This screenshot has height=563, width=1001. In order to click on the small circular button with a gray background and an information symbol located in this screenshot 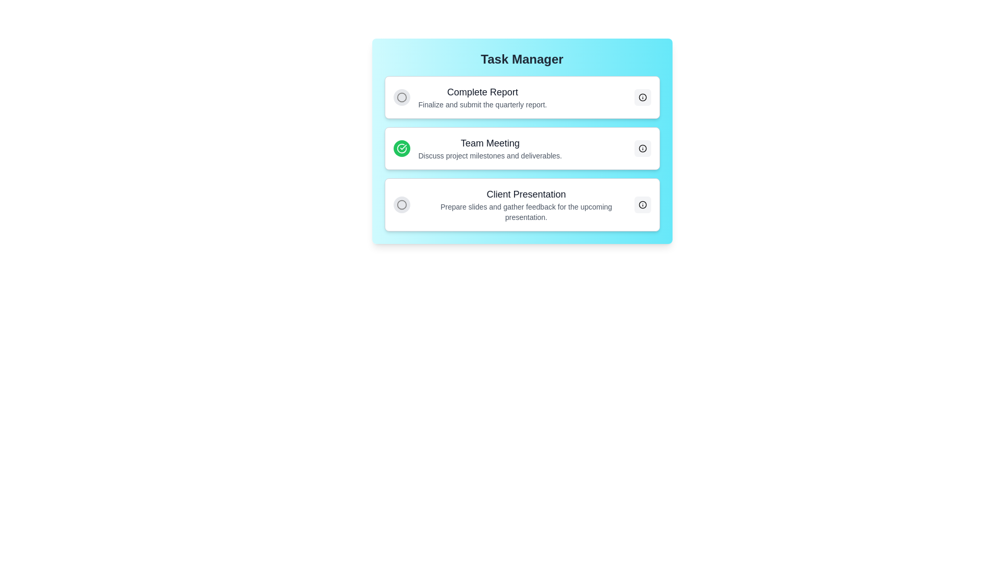, I will do `click(642, 149)`.